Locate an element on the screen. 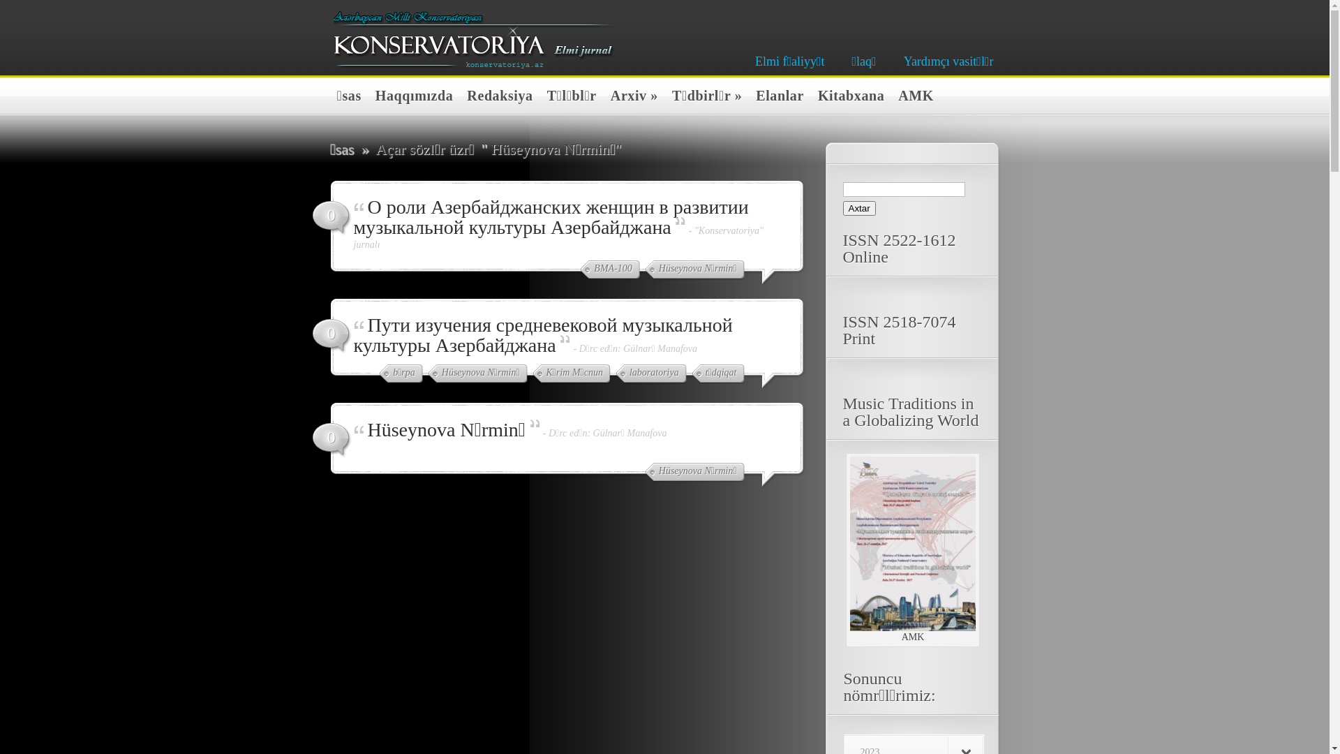  'BMA-100' is located at coordinates (609, 269).